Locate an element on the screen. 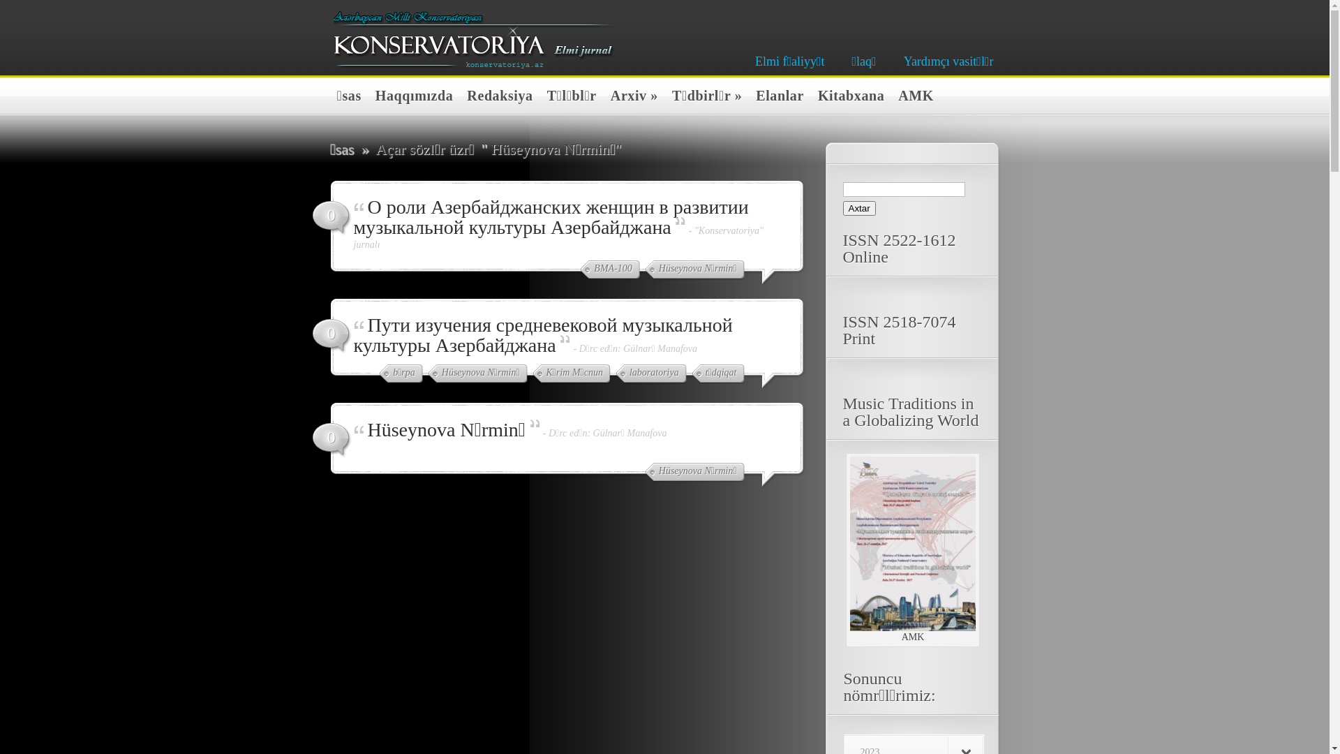  'BMA-100' is located at coordinates (609, 269).